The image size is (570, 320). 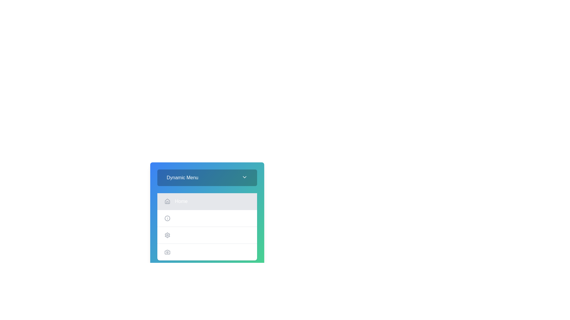 What do you see at coordinates (207, 252) in the screenshot?
I see `the 'Gallery' menu entry, which is the last item in the vertical list of menu options` at bounding box center [207, 252].